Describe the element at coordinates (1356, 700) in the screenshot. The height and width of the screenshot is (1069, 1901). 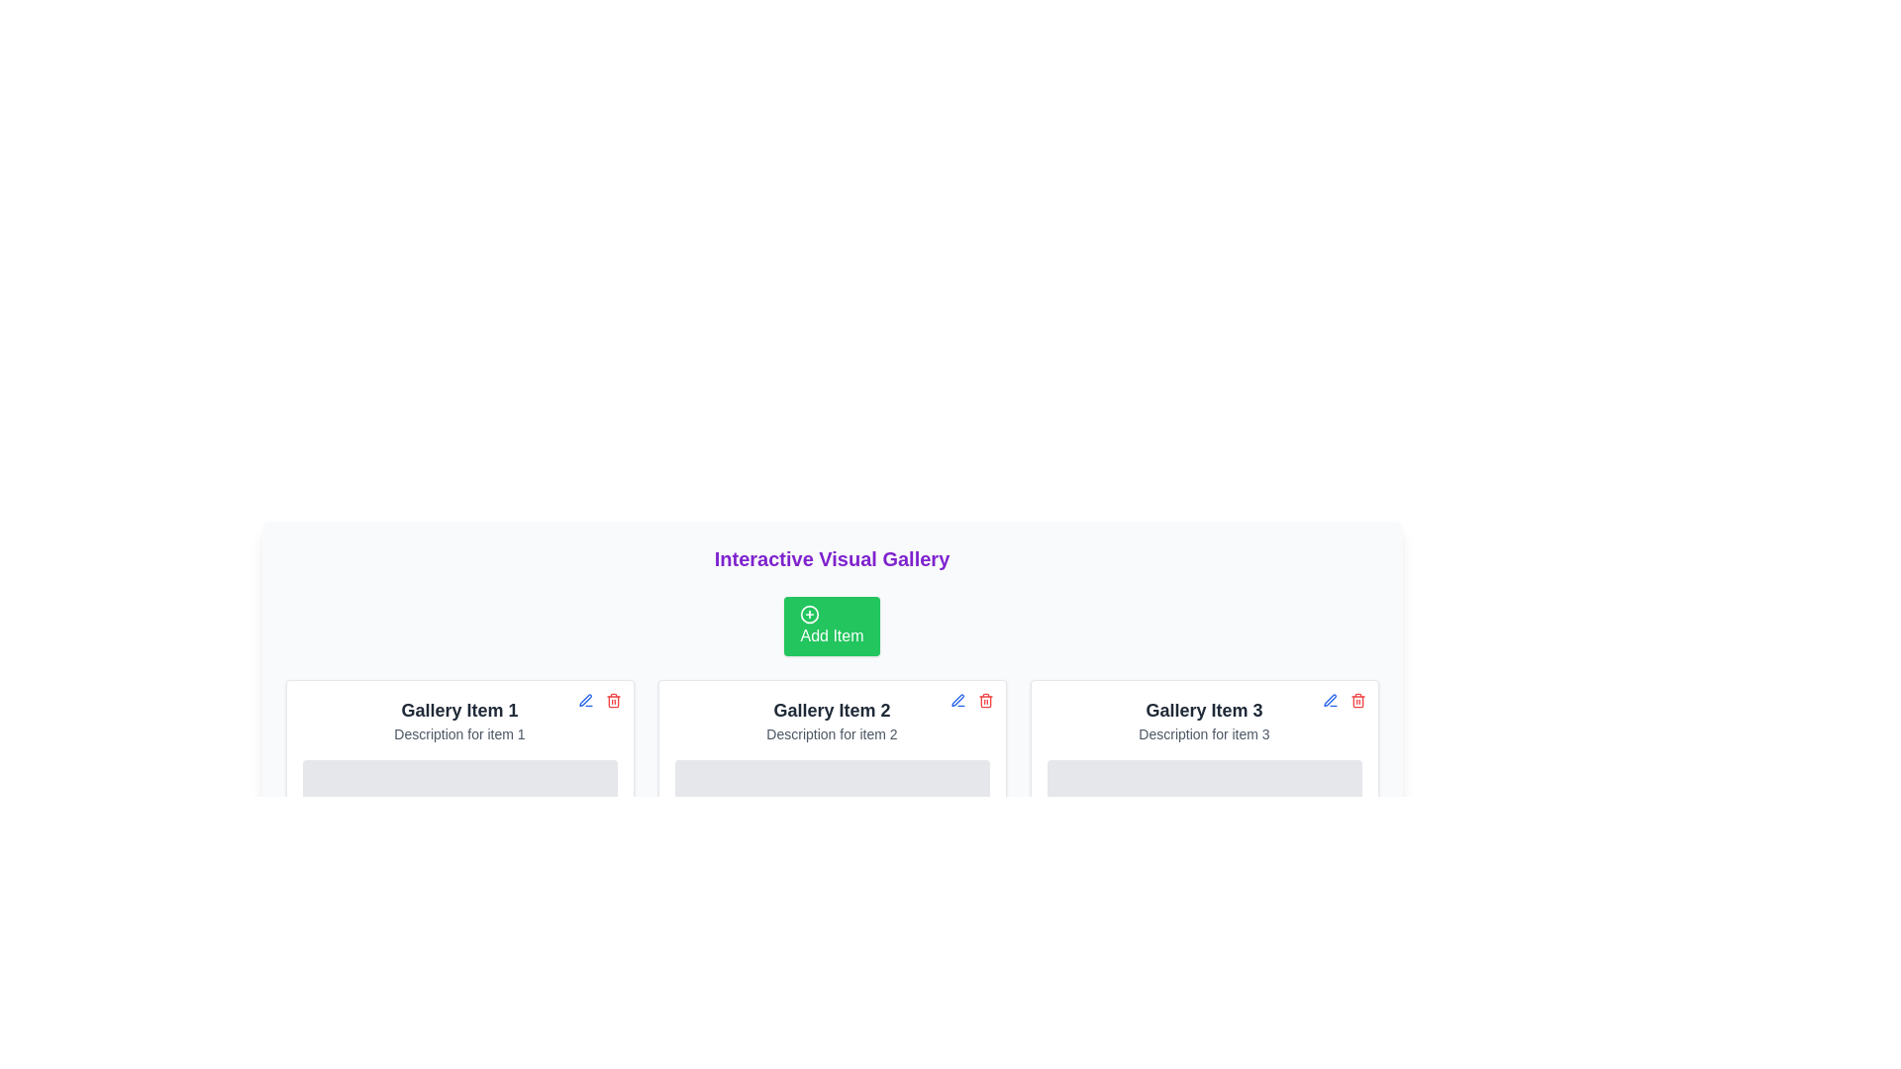
I see `the red trash icon button located in the top-right section of the 'Gallery Item 3' card` at that location.